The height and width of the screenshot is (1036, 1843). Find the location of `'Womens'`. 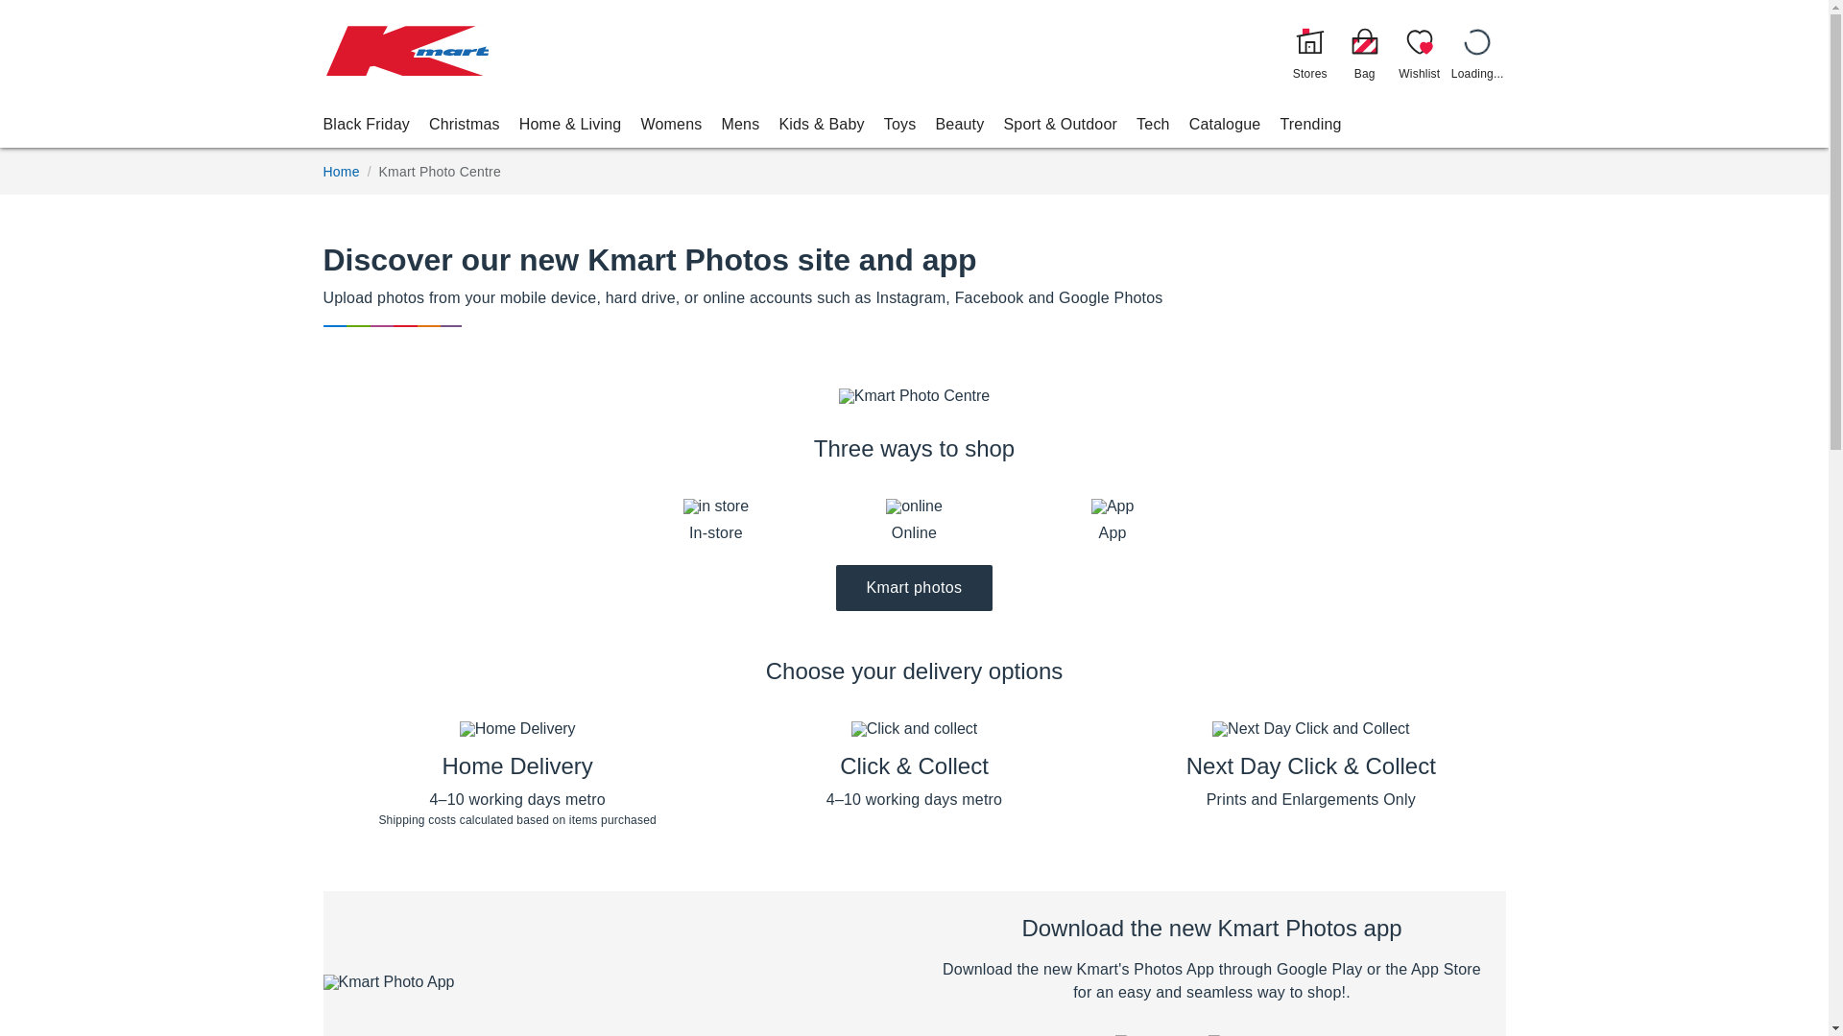

'Womens' is located at coordinates (671, 124).